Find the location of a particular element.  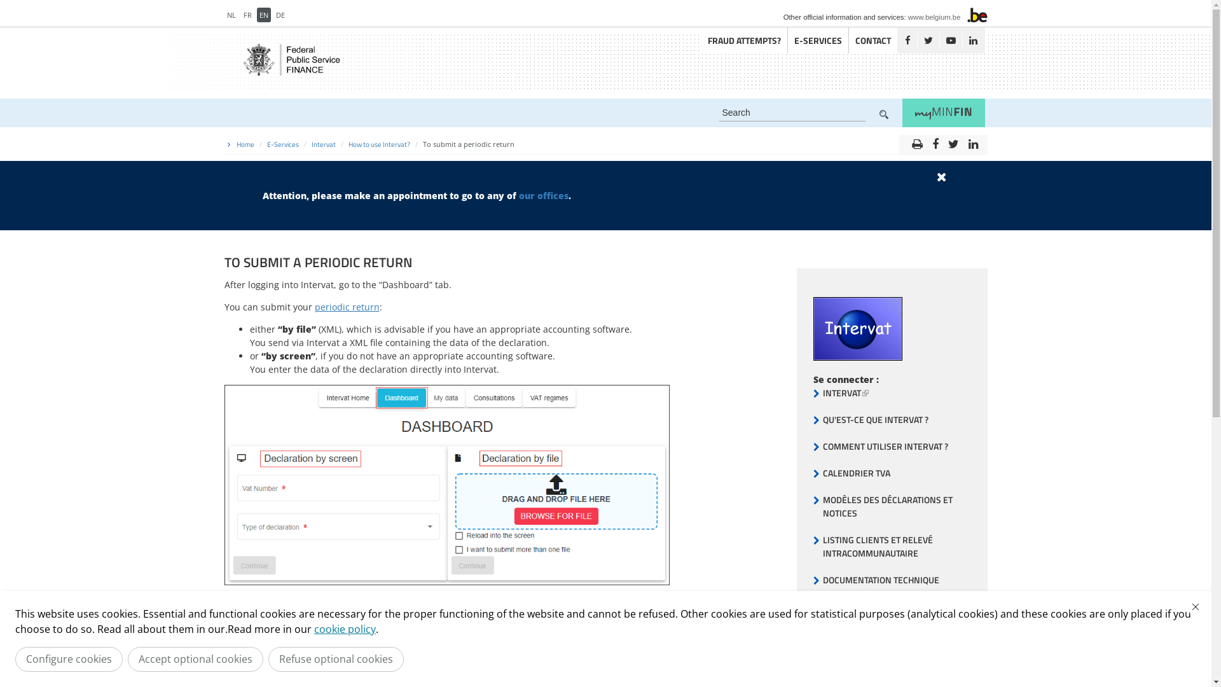

'Accept optional cookies' is located at coordinates (195, 658).